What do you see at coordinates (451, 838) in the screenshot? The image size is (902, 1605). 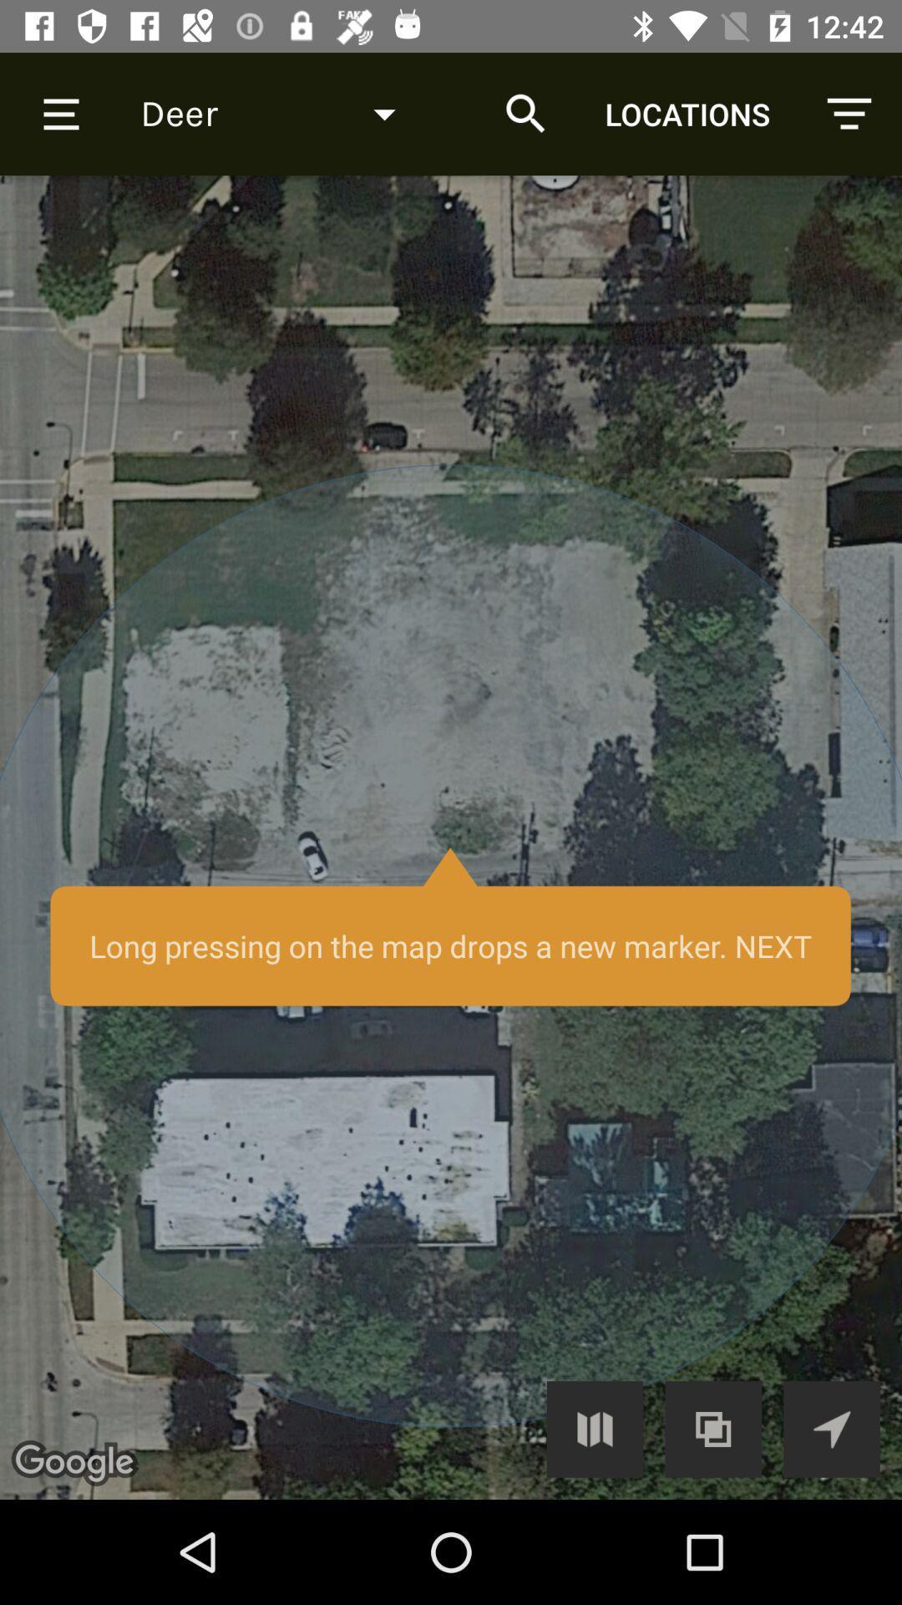 I see `mark location` at bounding box center [451, 838].